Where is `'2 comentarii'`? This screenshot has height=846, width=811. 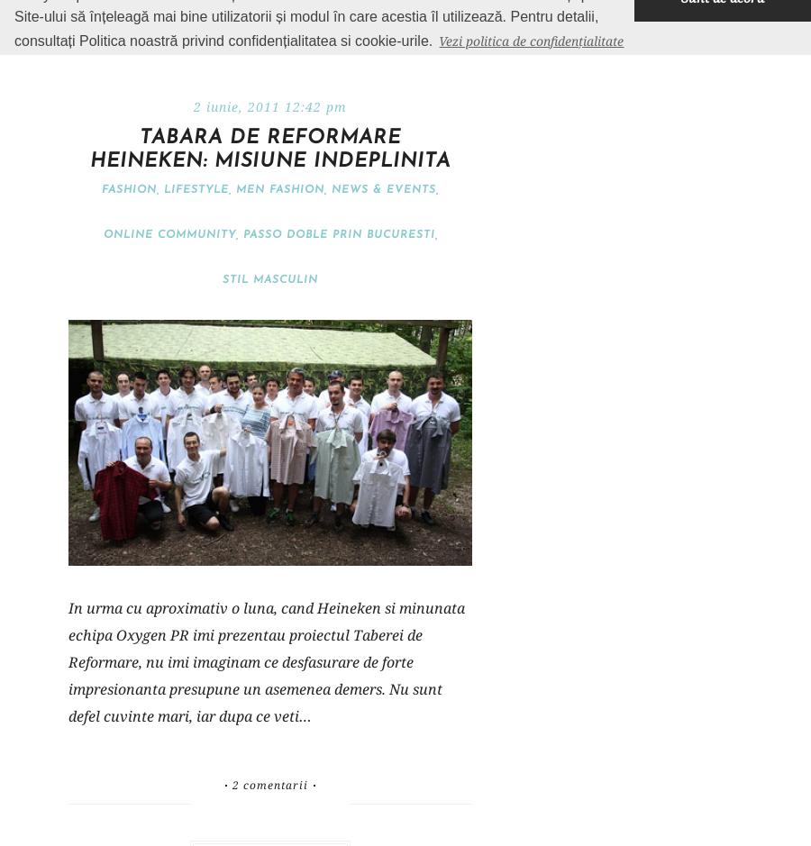
'2 comentarii' is located at coordinates (269, 785).